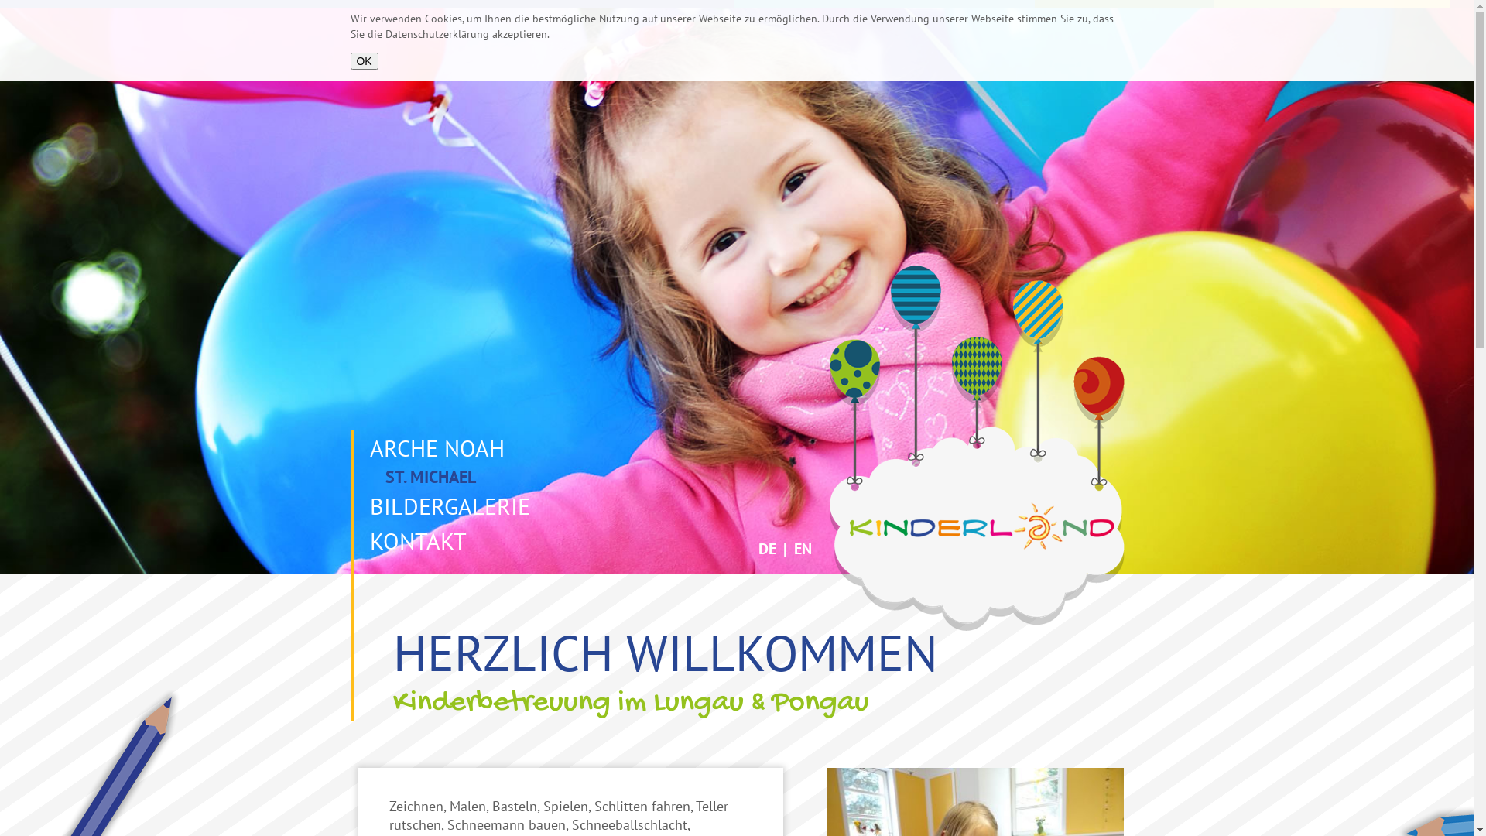  Describe the element at coordinates (767, 548) in the screenshot. I see `'DE'` at that location.